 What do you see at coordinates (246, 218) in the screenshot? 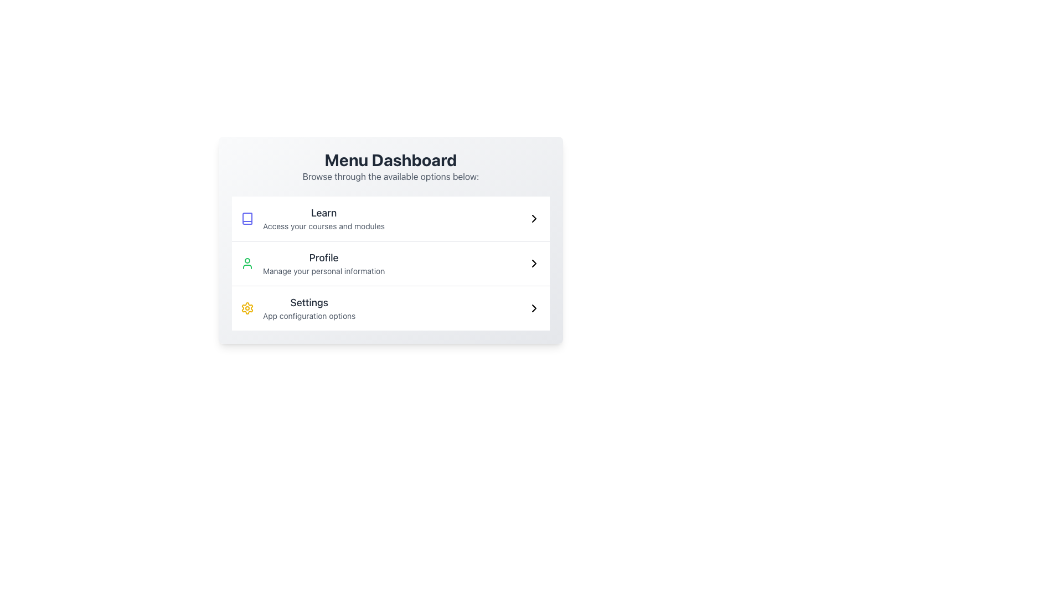
I see `decorative education-related icon located to the left of the 'Learn' menu option for debugging purposes` at bounding box center [246, 218].